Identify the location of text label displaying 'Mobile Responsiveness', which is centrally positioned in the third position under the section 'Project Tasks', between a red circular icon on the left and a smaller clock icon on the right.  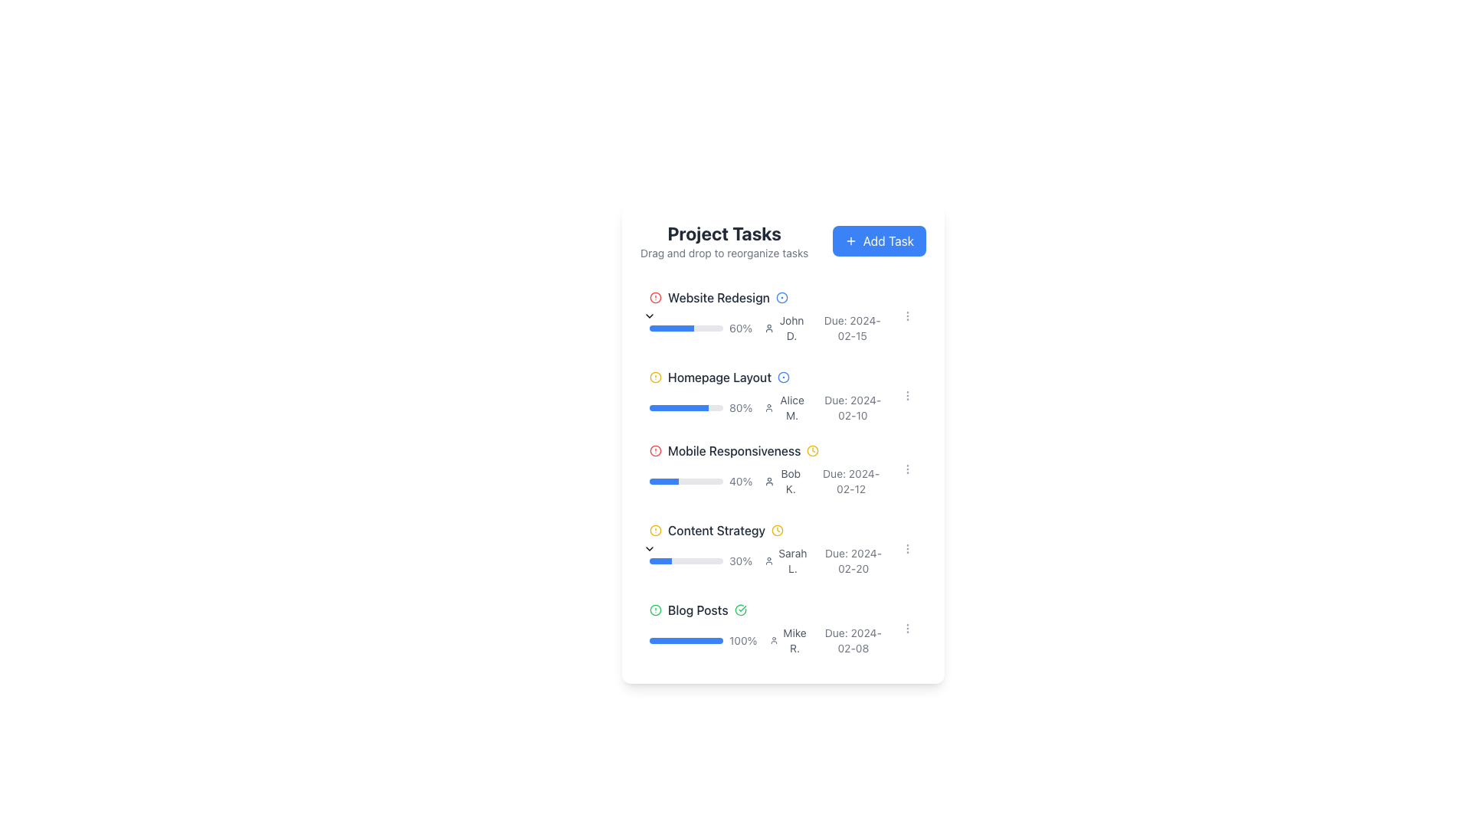
(733, 450).